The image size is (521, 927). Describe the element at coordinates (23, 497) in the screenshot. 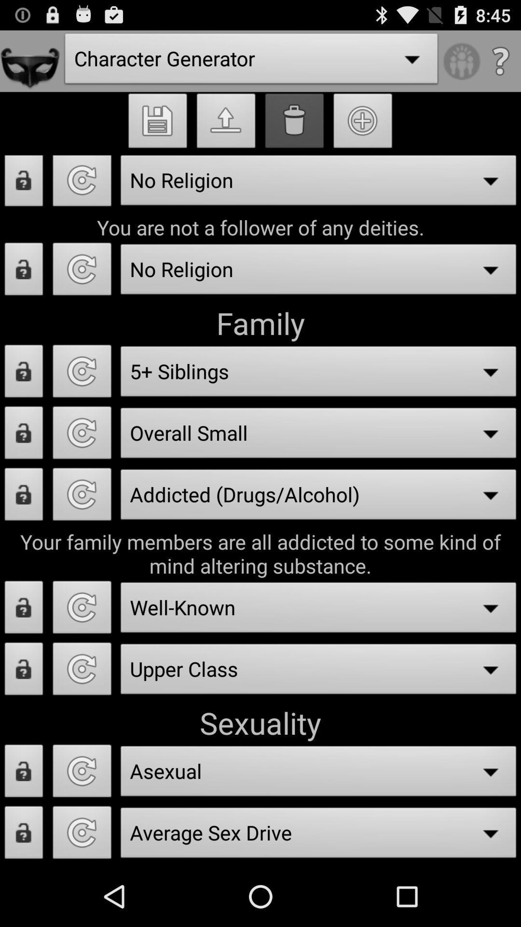

I see `addicted` at that location.